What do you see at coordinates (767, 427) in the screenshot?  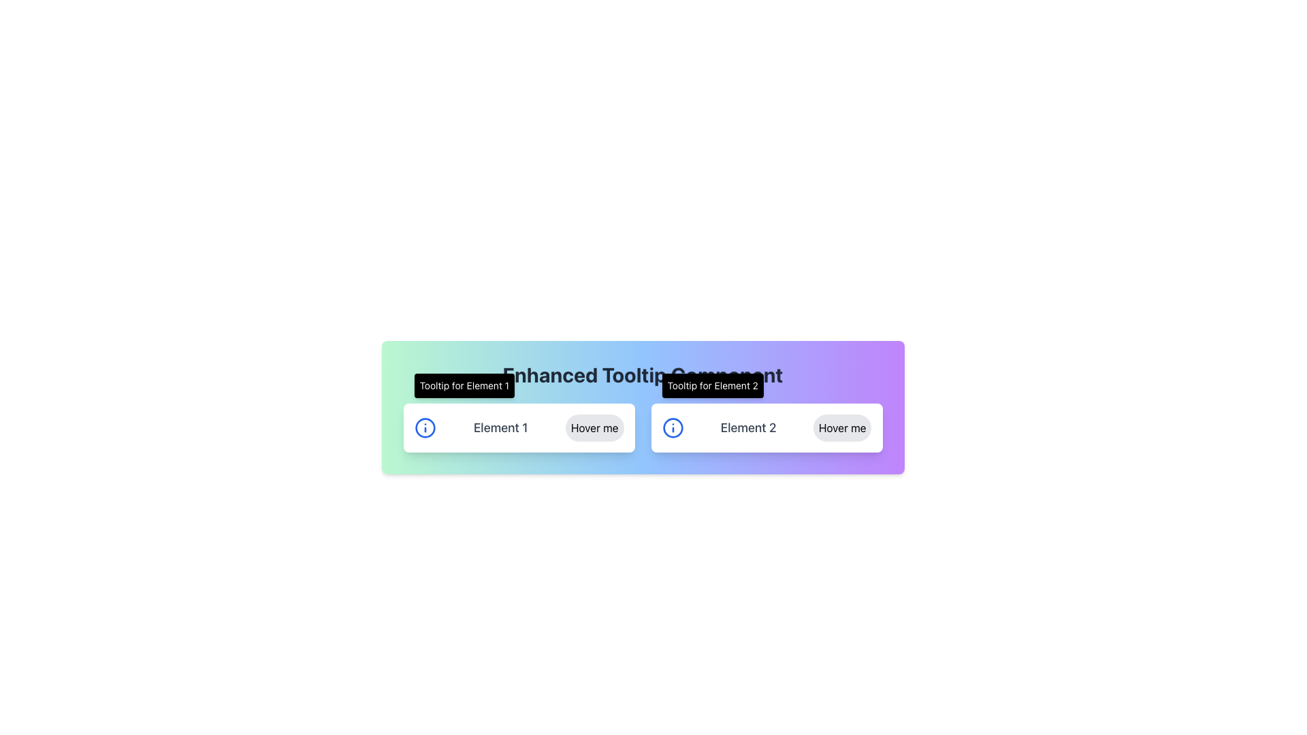 I see `the interactive button in the Composite component that presents information about 'Element 2'` at bounding box center [767, 427].